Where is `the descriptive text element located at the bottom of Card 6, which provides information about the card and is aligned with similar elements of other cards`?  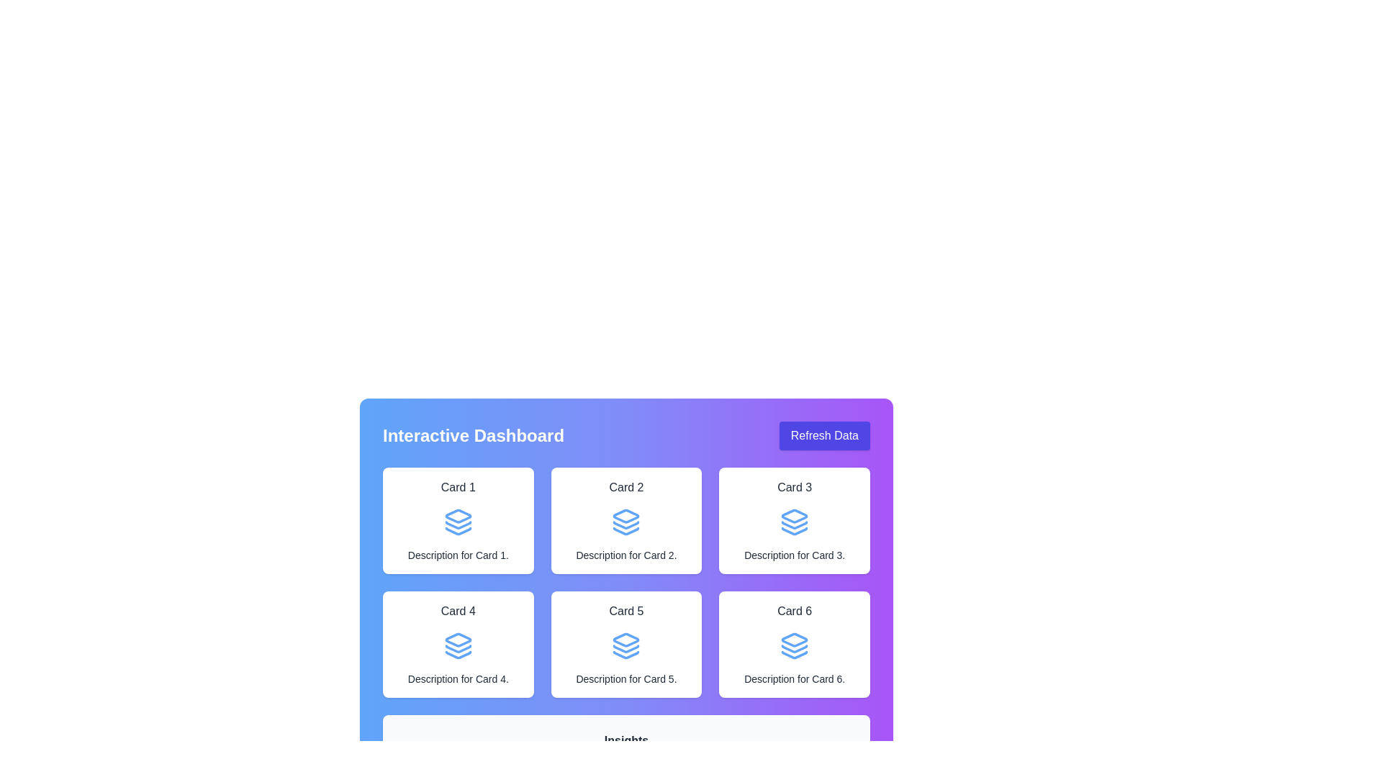 the descriptive text element located at the bottom of Card 6, which provides information about the card and is aligned with similar elements of other cards is located at coordinates (794, 679).